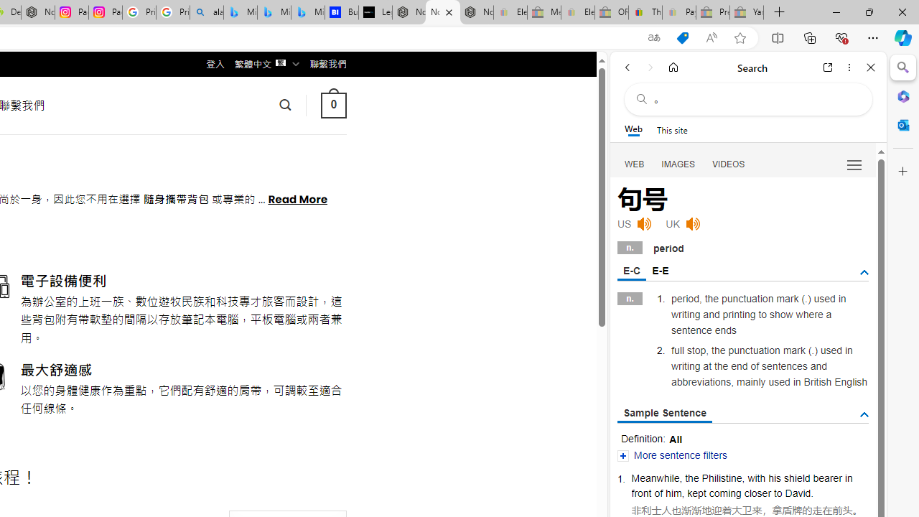 The image size is (919, 517). Describe the element at coordinates (713, 12) in the screenshot. I see `'Press Room - eBay Inc. - Sleeping'` at that location.